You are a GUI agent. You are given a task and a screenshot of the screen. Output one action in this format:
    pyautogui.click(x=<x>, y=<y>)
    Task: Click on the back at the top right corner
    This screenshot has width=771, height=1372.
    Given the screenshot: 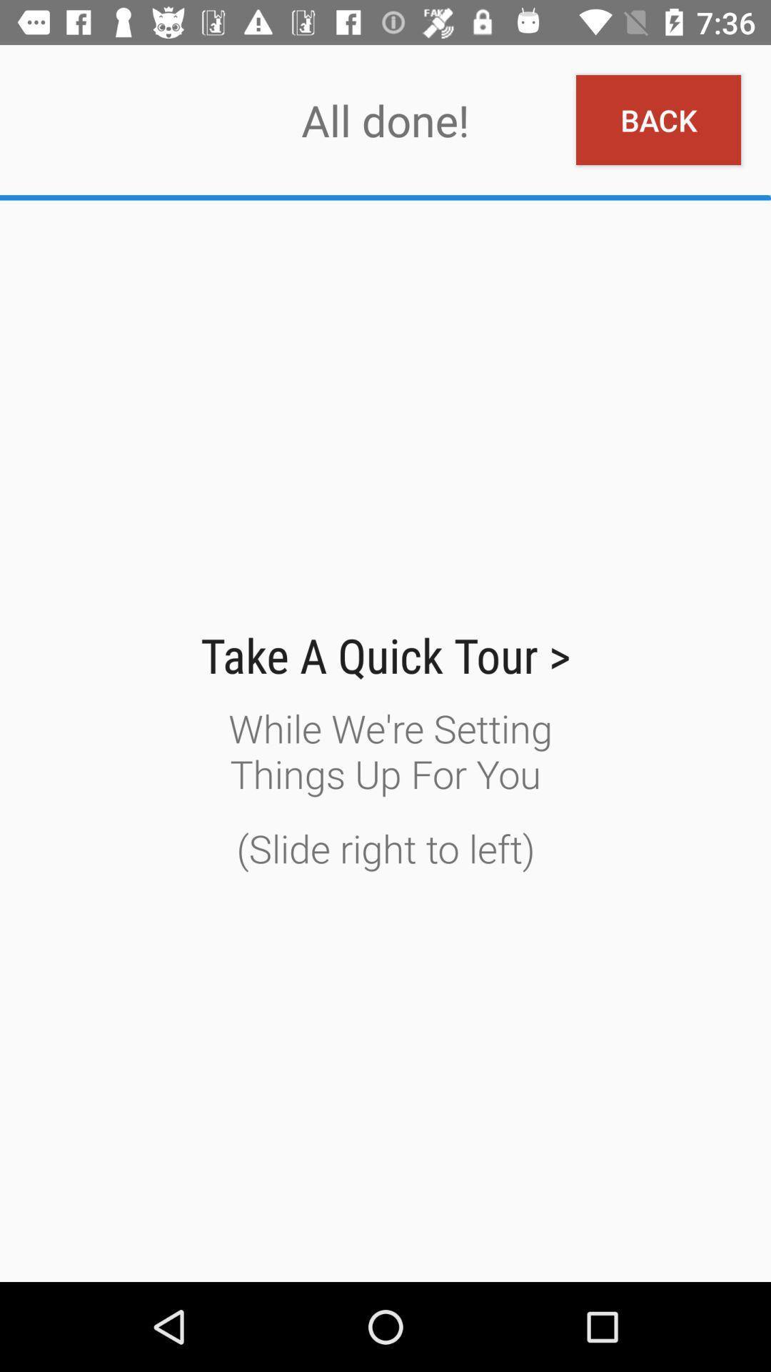 What is the action you would take?
    pyautogui.click(x=658, y=120)
    